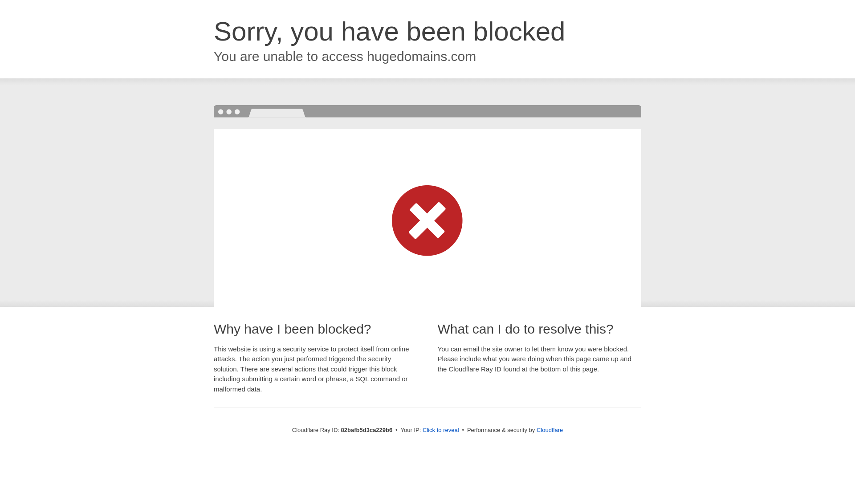  I want to click on 'Cloudflare', so click(549, 429).